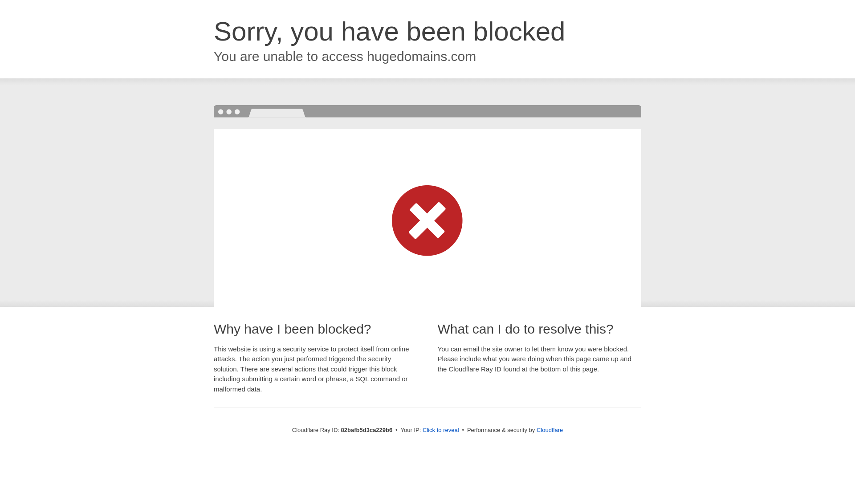  I want to click on 'Cloudflare', so click(549, 429).